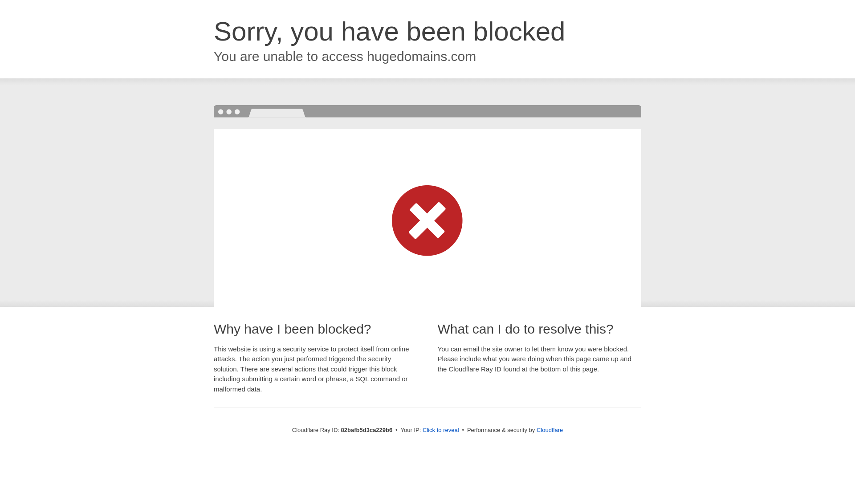  I want to click on 'Cloudflare', so click(549, 429).